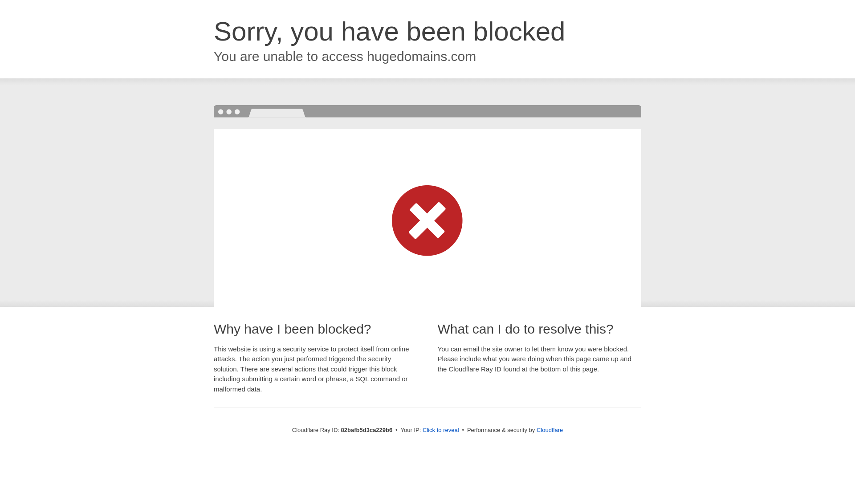  I want to click on 'Cloudflare', so click(549, 429).